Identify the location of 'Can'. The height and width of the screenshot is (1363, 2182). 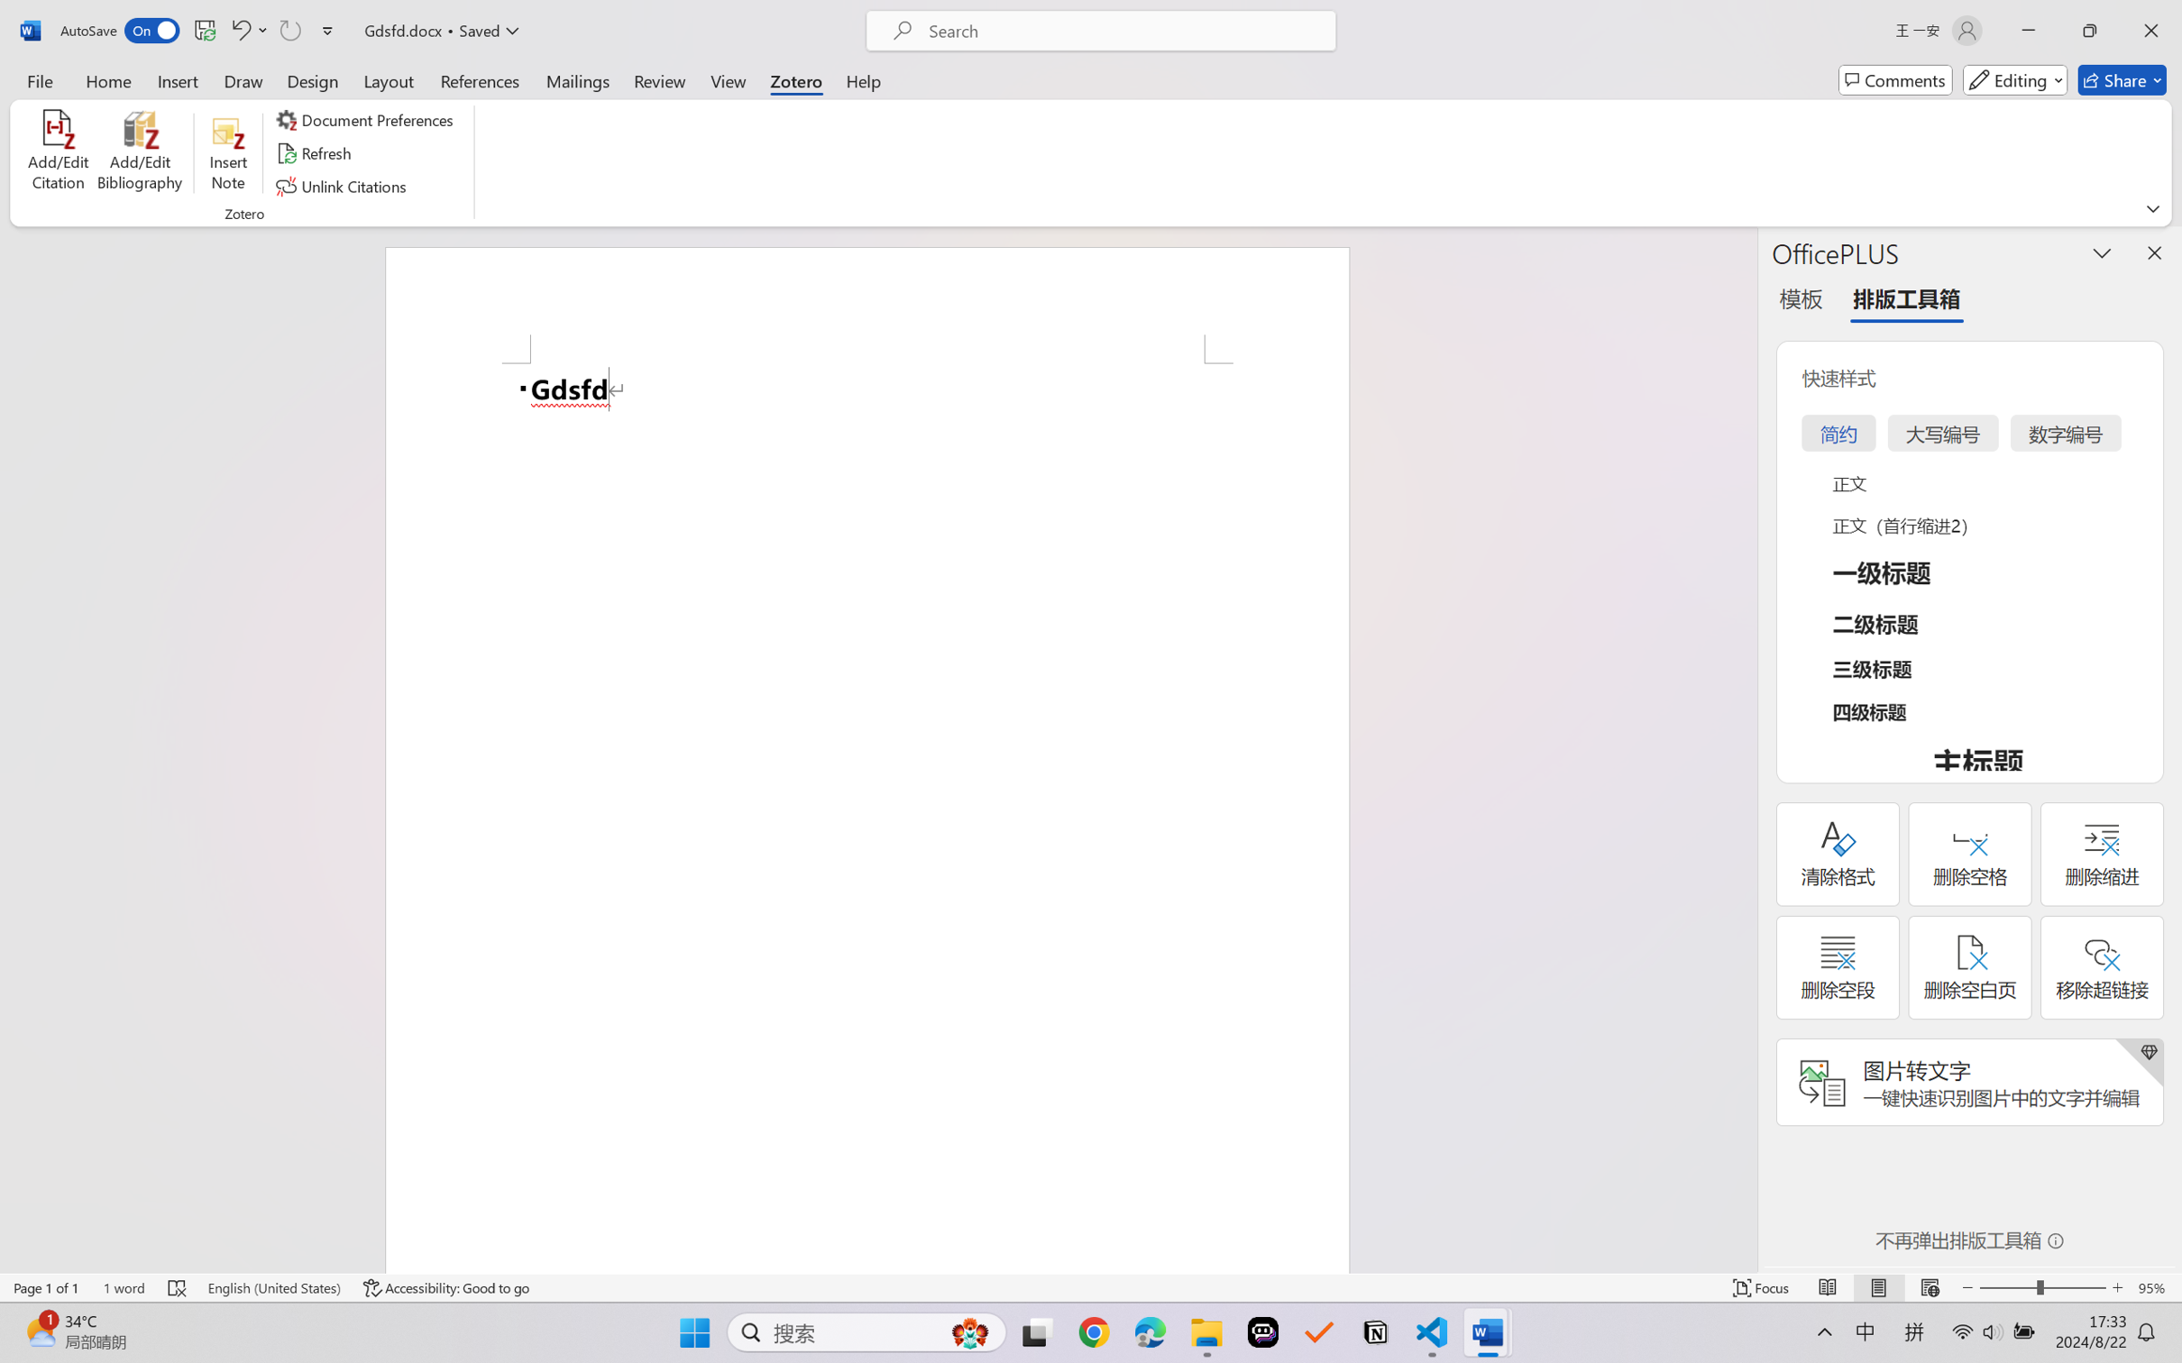
(289, 30).